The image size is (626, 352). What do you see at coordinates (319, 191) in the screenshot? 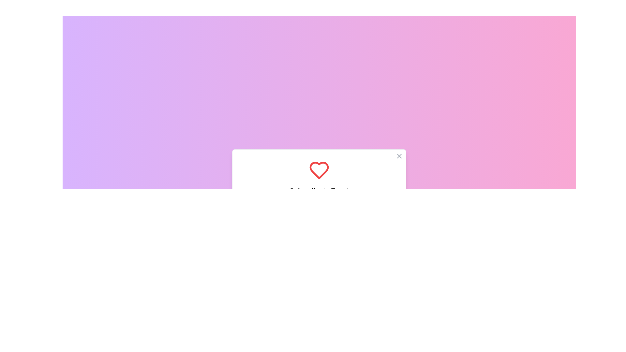
I see `the Text label that serves as the heading for the subscription dialog box, located below a red heart icon and above the instructional description, positioned in the middle section of the dialog` at bounding box center [319, 191].